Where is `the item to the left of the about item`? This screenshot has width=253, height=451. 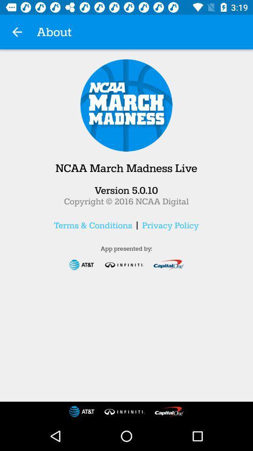 the item to the left of the about item is located at coordinates (17, 32).